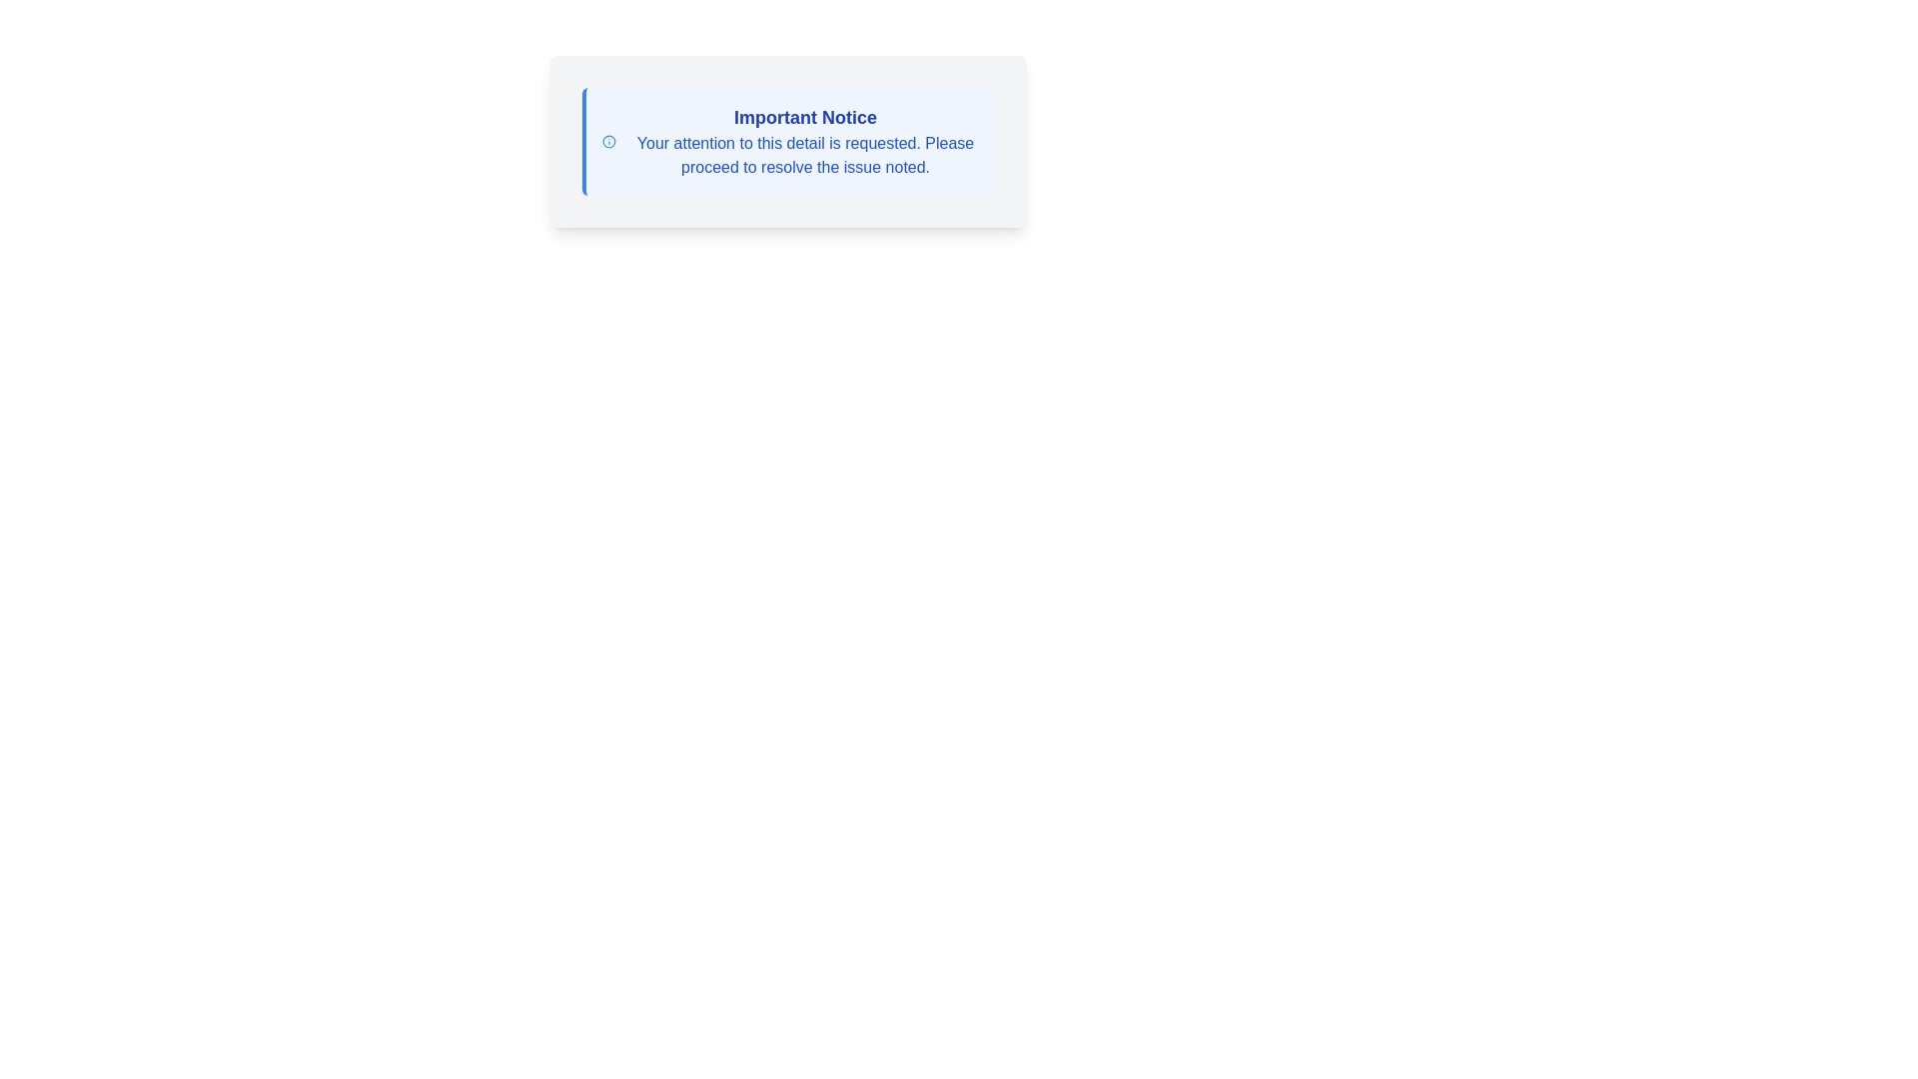 The height and width of the screenshot is (1079, 1918). Describe the element at coordinates (607, 141) in the screenshot. I see `the blue circular Information Icon that is positioned to the left of the 'Important Notice' heading in the notification box` at that location.